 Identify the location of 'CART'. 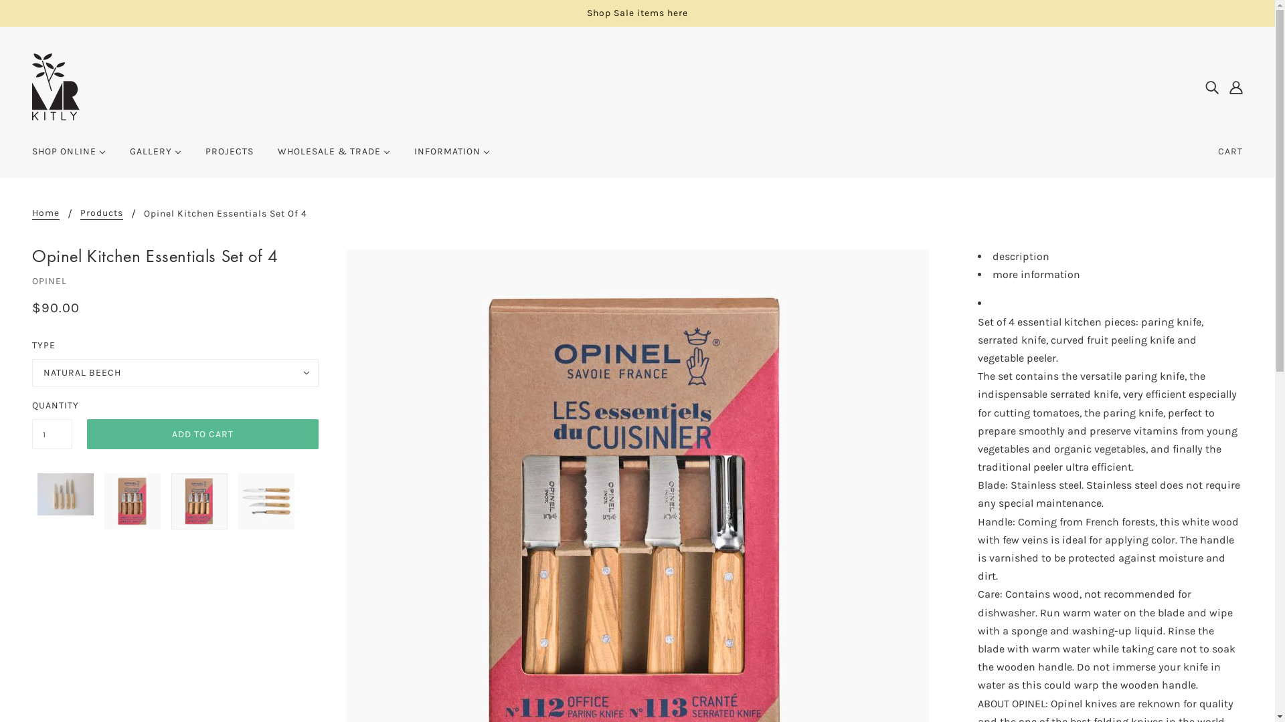
(1207, 151).